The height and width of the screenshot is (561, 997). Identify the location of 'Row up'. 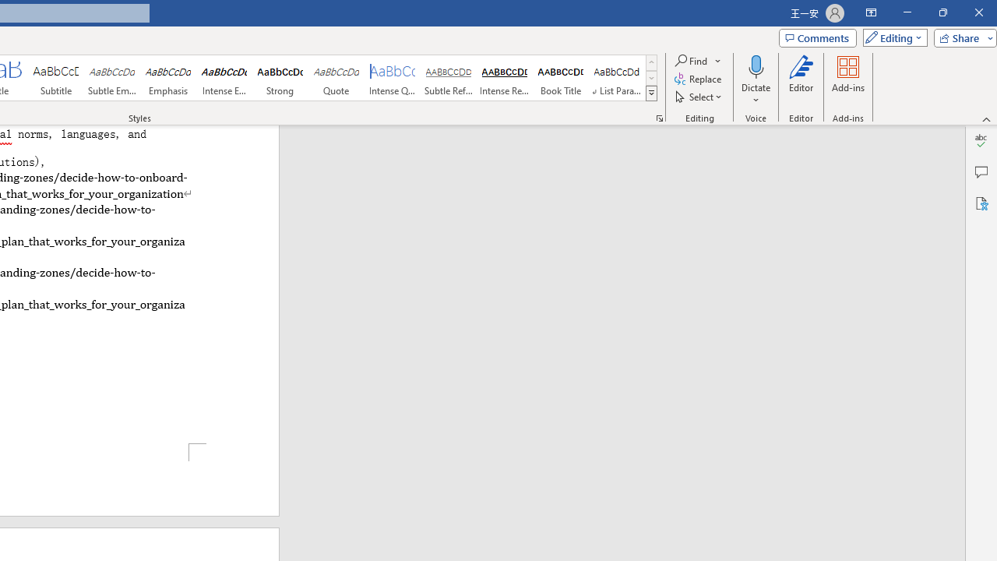
(651, 62).